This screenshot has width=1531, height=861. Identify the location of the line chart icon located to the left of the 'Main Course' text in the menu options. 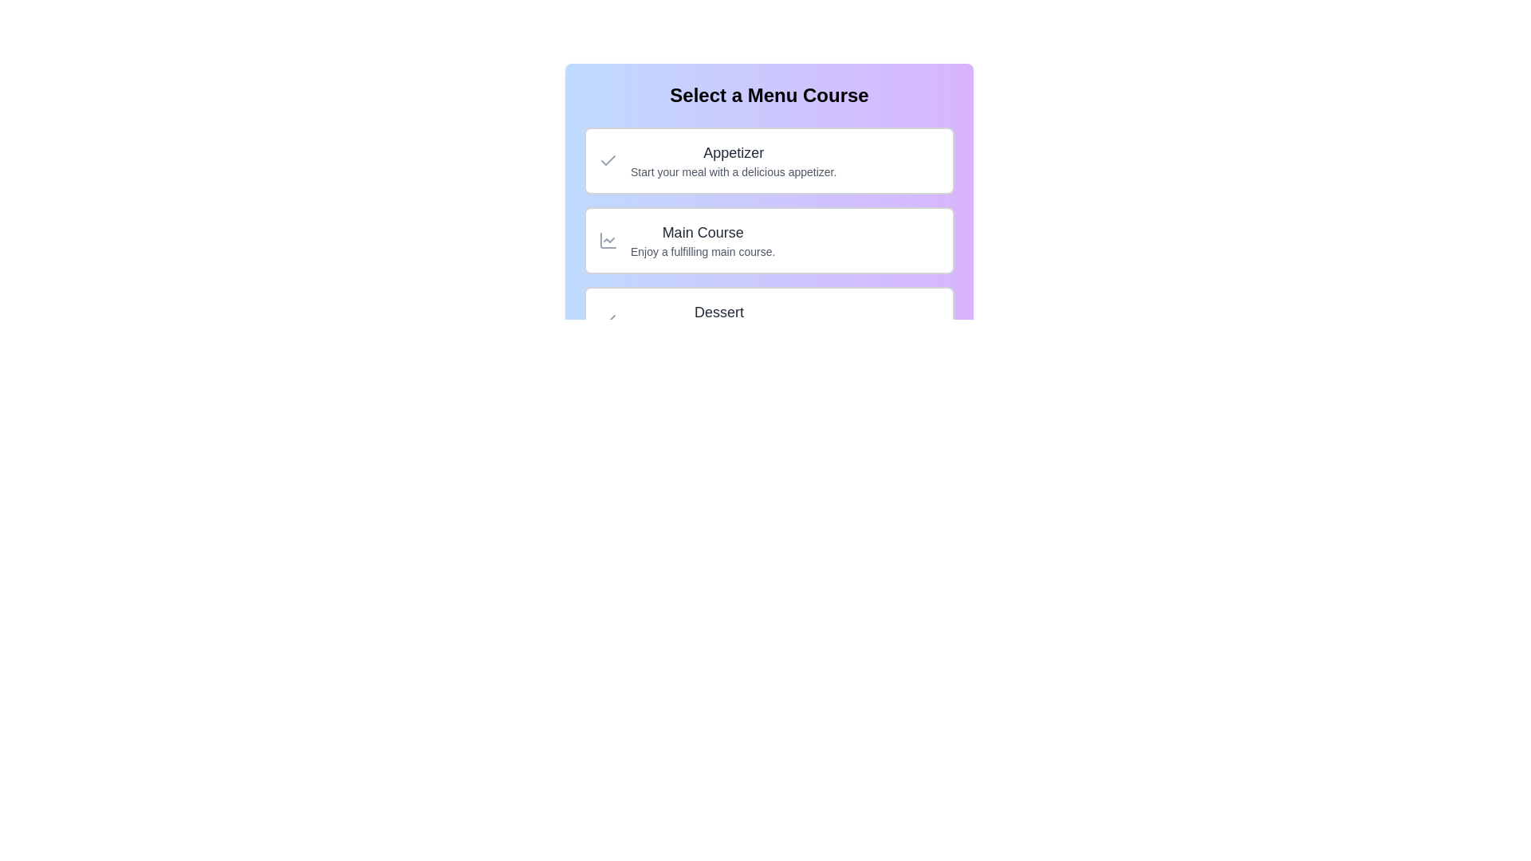
(608, 240).